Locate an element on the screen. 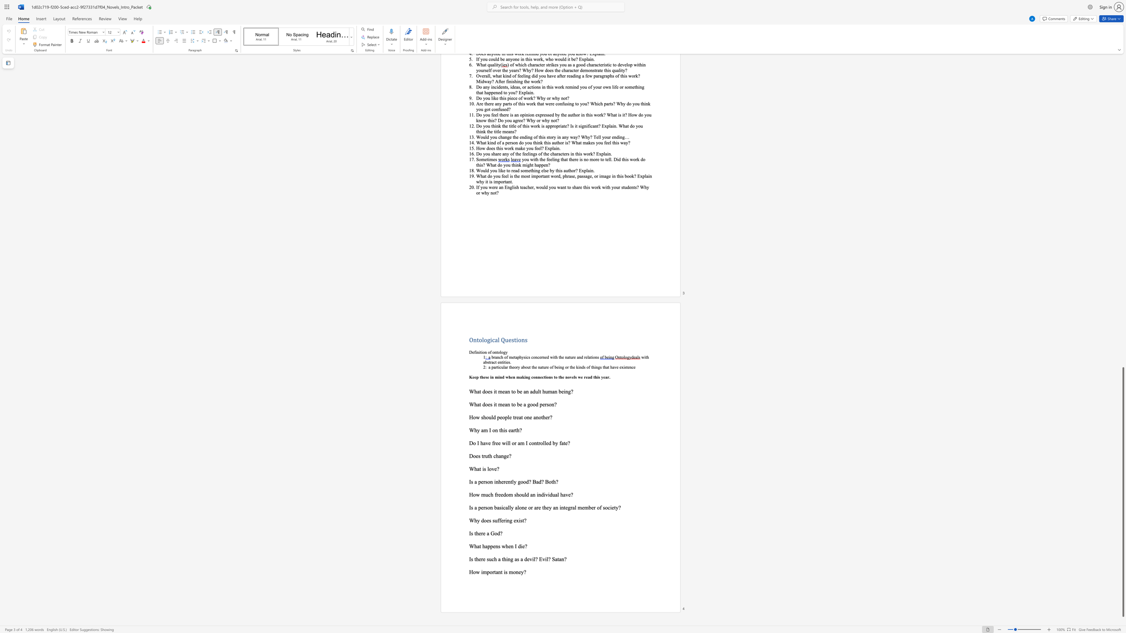 This screenshot has height=633, width=1126. the 5th character "e" in the text is located at coordinates (546, 417).